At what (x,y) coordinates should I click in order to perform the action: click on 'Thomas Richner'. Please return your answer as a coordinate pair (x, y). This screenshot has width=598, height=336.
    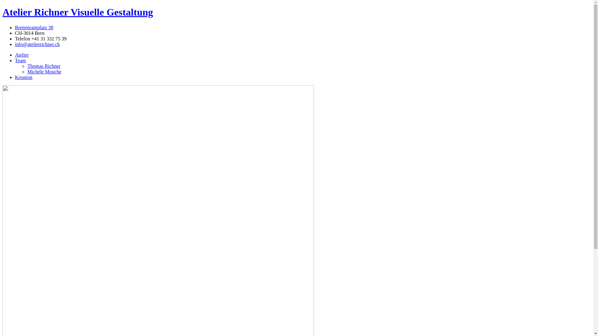
    Looking at the image, I should click on (43, 66).